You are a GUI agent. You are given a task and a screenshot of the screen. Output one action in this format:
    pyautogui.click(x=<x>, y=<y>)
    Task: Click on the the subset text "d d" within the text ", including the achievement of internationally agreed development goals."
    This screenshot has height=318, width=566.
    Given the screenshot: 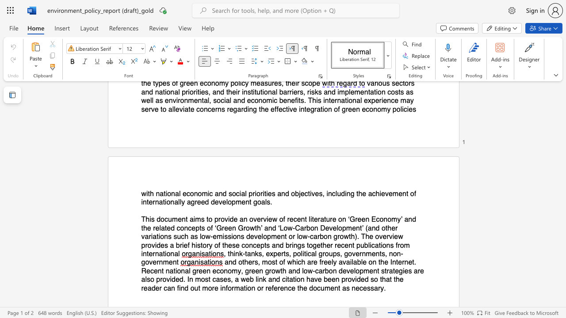 What is the action you would take?
    pyautogui.click(x=204, y=202)
    